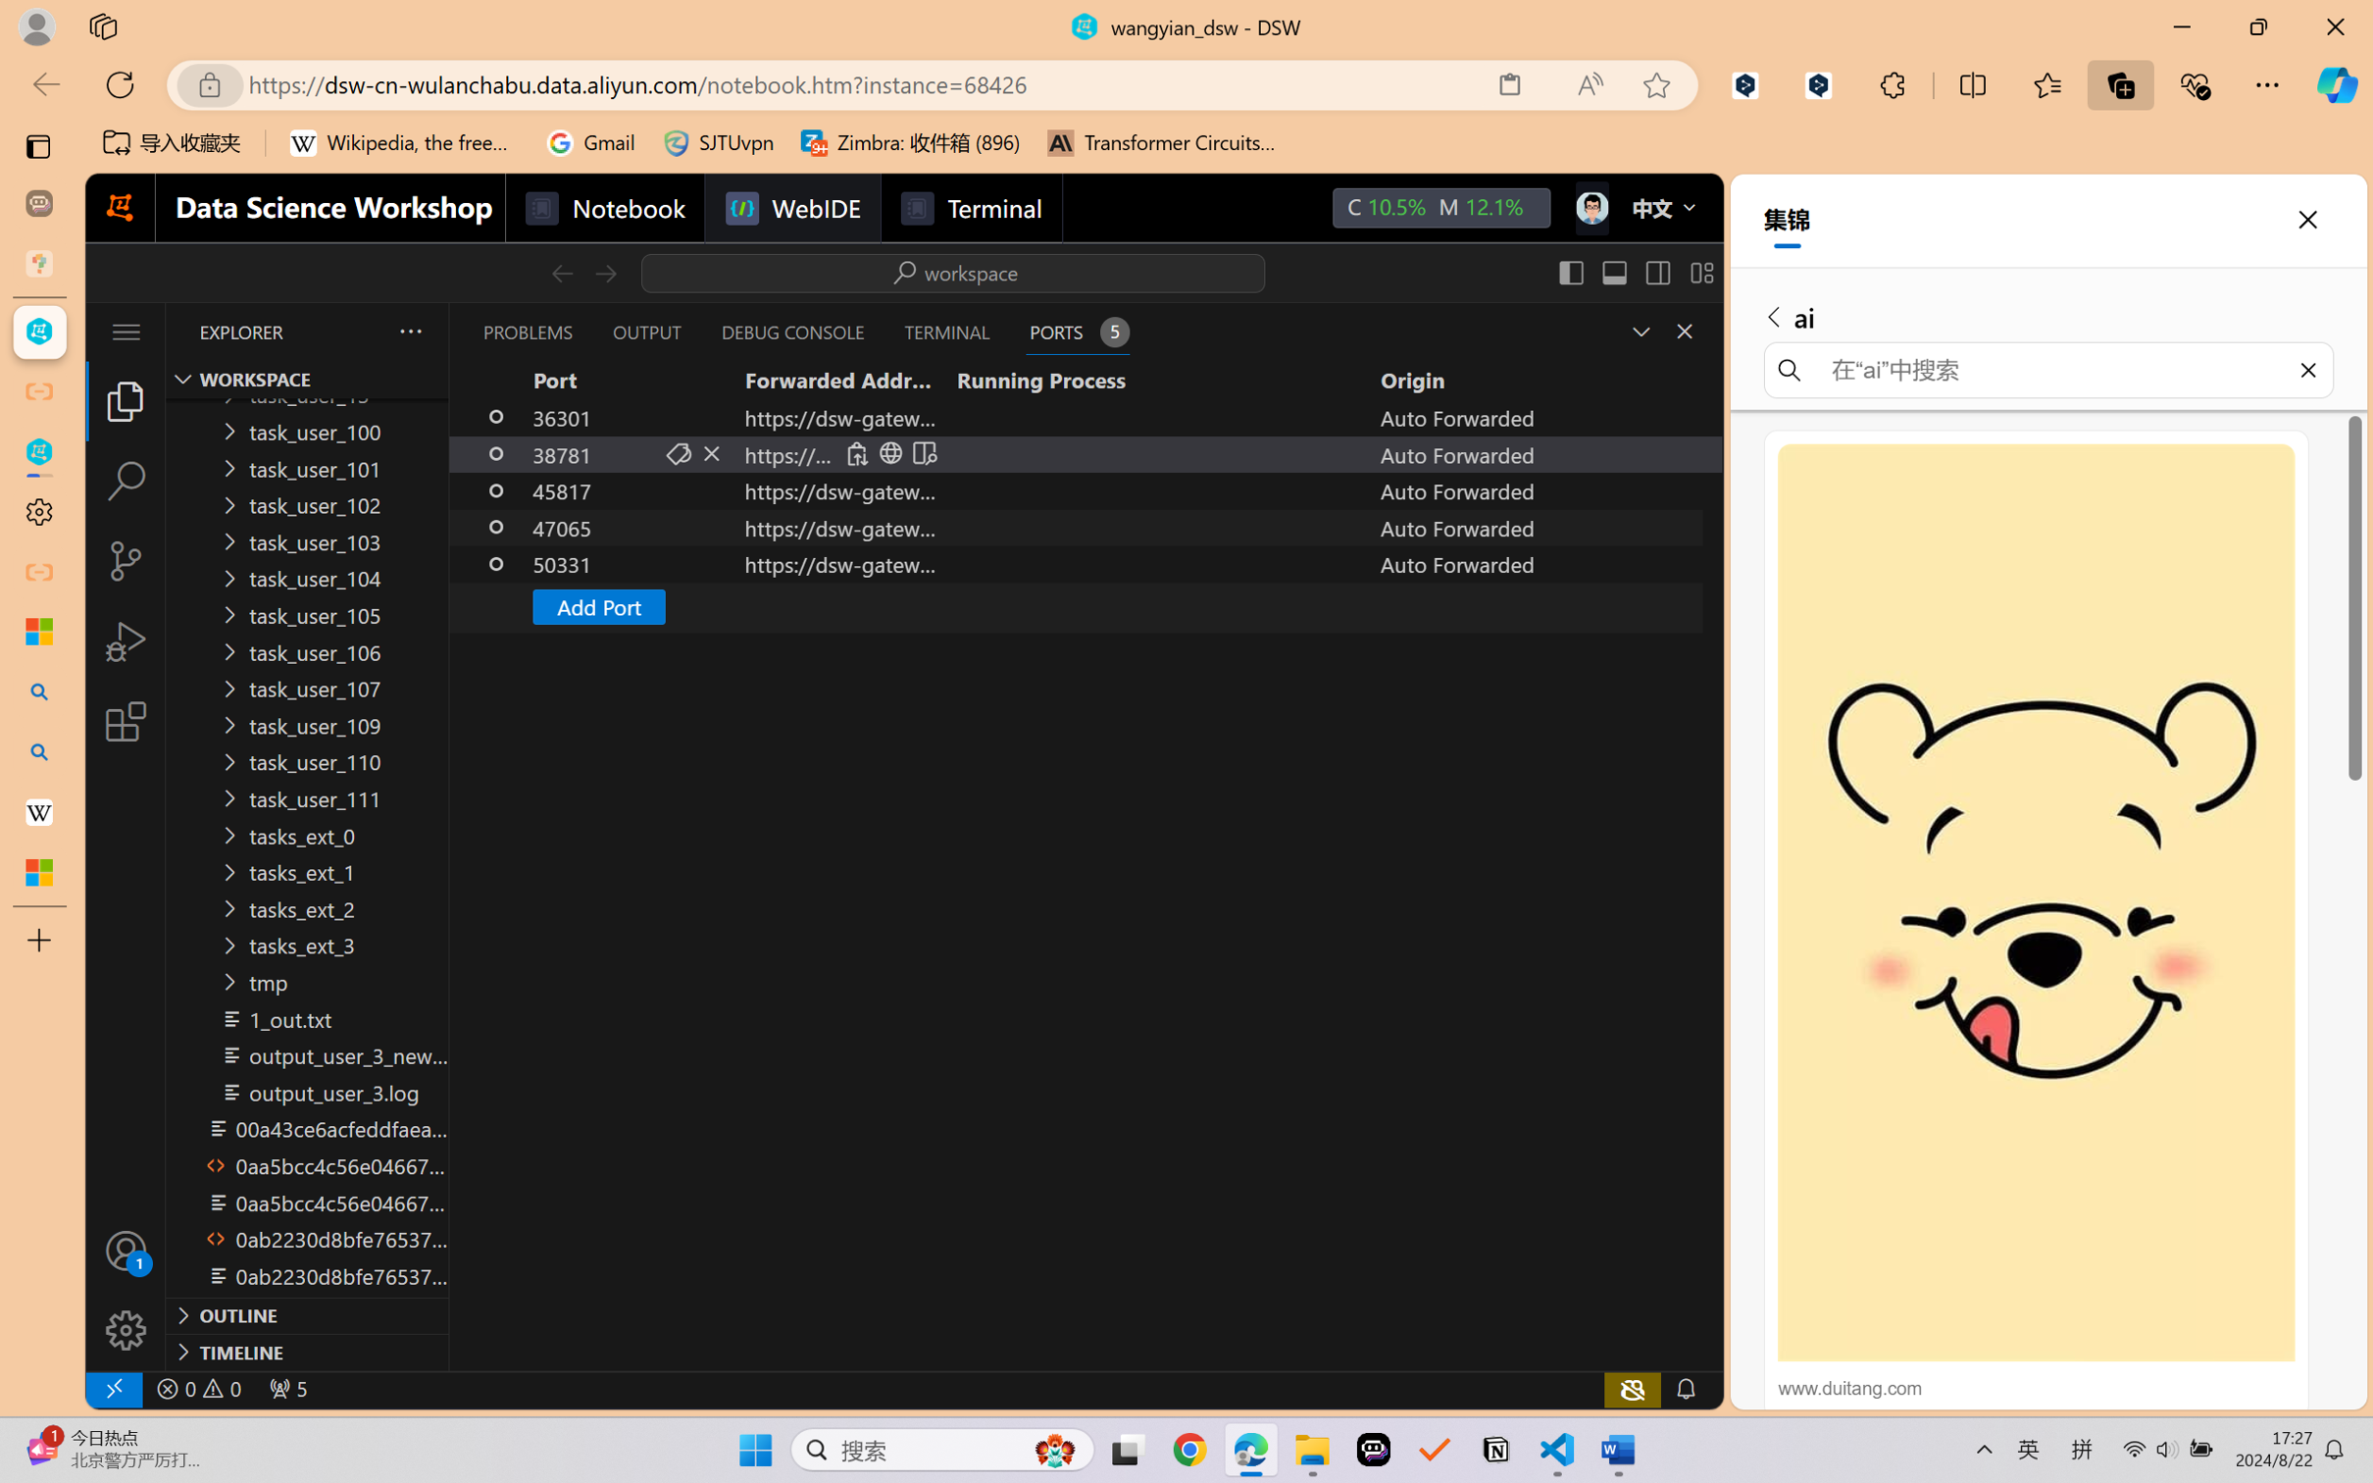 The image size is (2373, 1483). What do you see at coordinates (678, 452) in the screenshot?
I see `'Set Port Label (F2)'` at bounding box center [678, 452].